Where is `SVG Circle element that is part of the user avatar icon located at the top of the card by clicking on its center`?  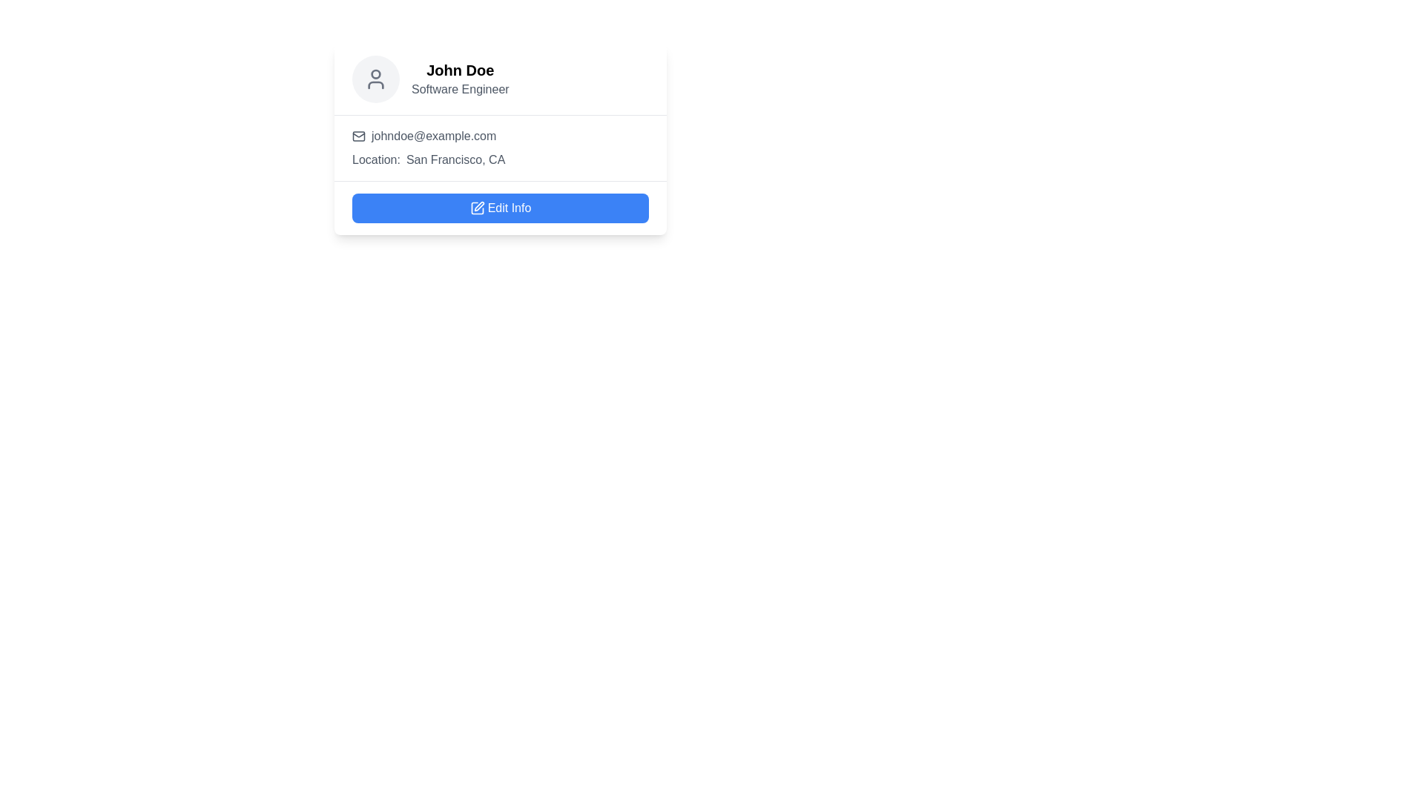
SVG Circle element that is part of the user avatar icon located at the top of the card by clicking on its center is located at coordinates (375, 74).